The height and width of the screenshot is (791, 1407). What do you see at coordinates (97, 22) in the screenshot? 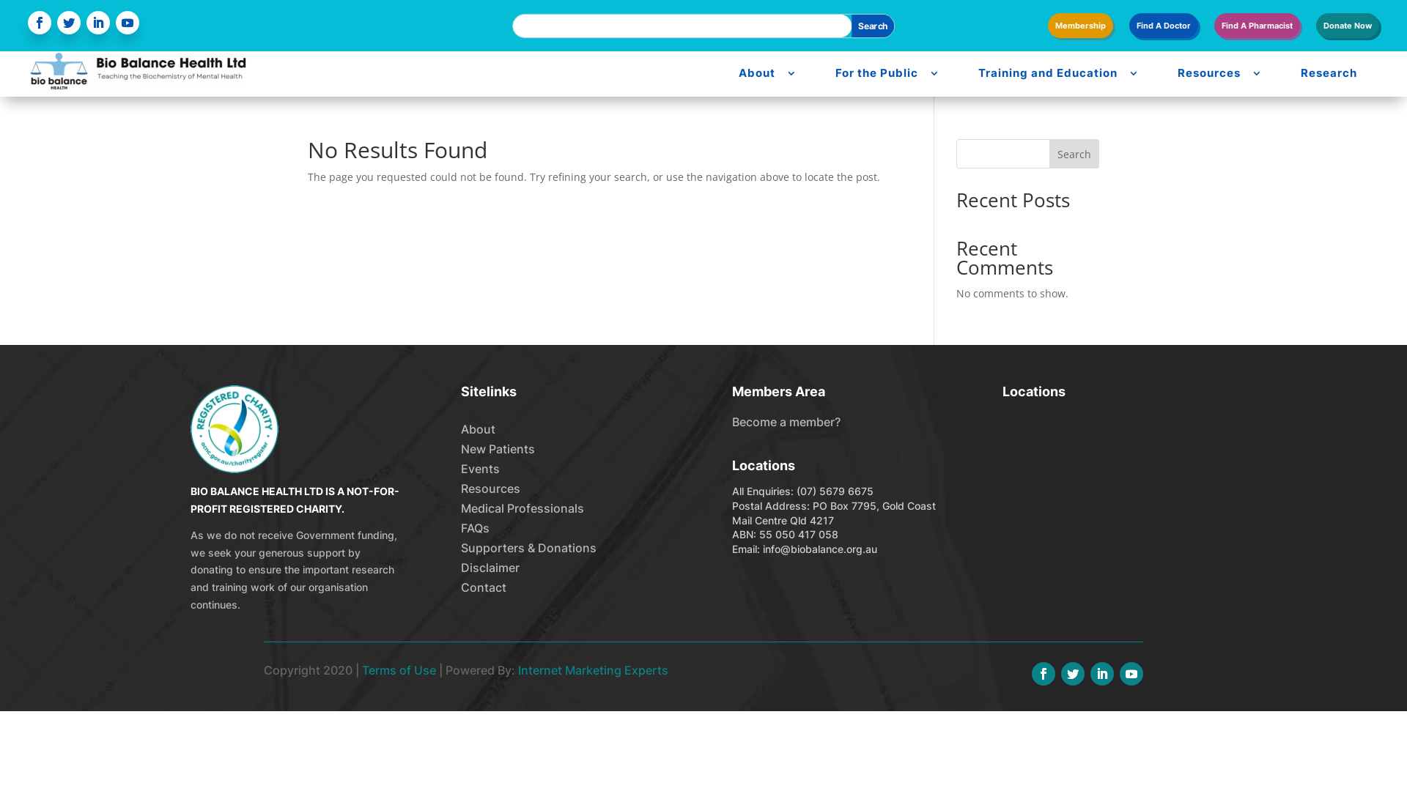
I see `'Follow on LinkedIn'` at bounding box center [97, 22].